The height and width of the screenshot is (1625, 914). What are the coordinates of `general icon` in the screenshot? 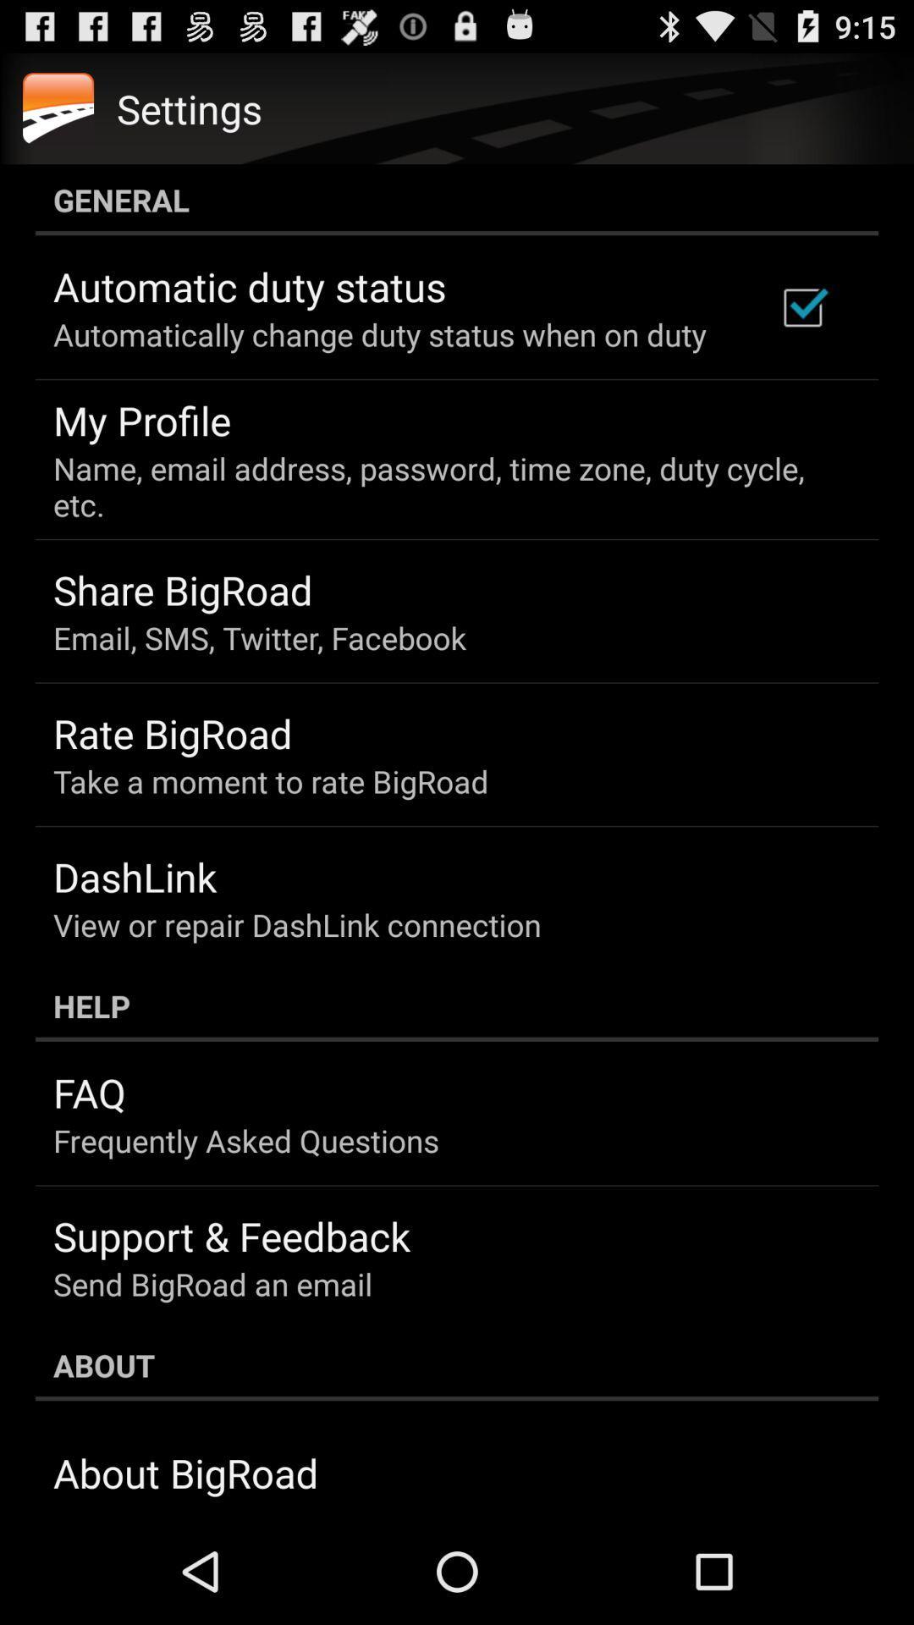 It's located at (457, 200).